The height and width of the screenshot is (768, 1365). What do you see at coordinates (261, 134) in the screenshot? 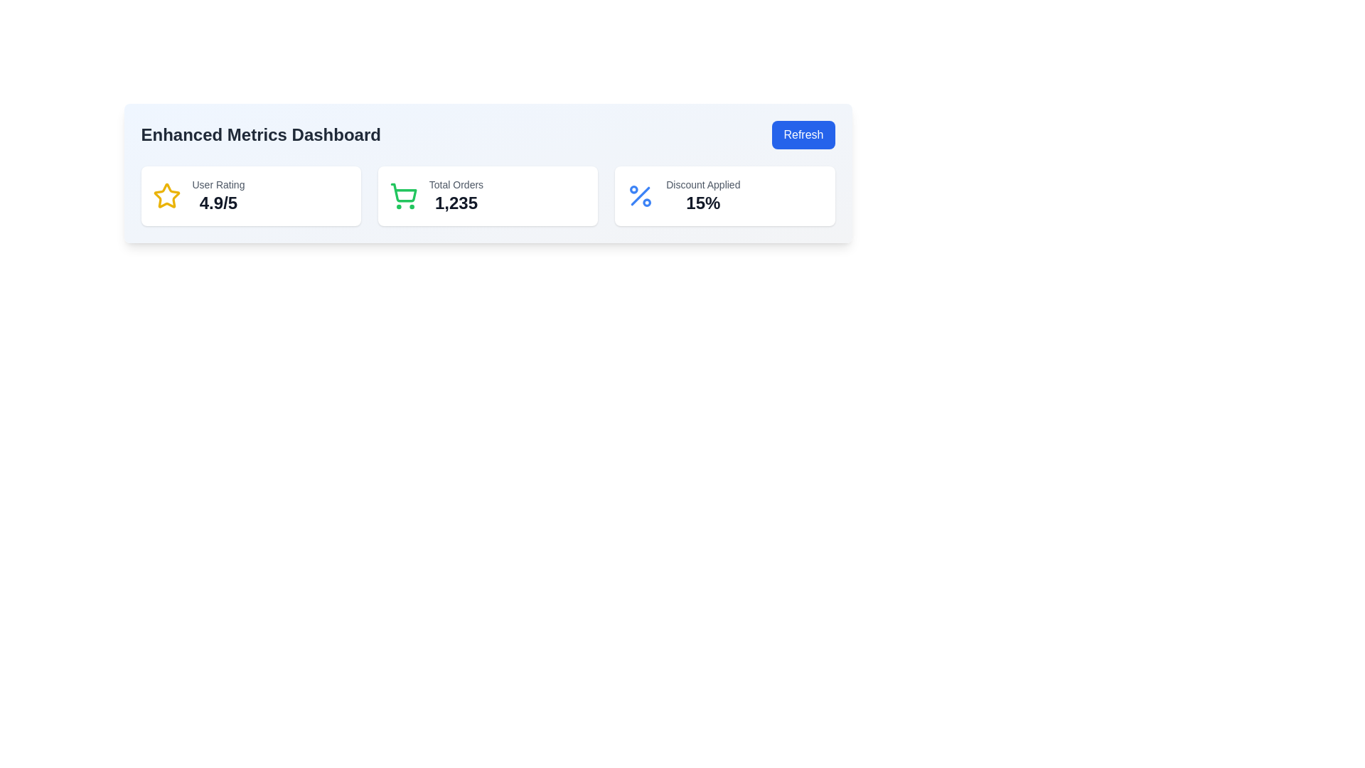
I see `the text header labeled 'Enhanced Metrics Dashboard', which is styled in bold, large dark gray font and positioned to the left of the 'Refresh' button` at bounding box center [261, 134].